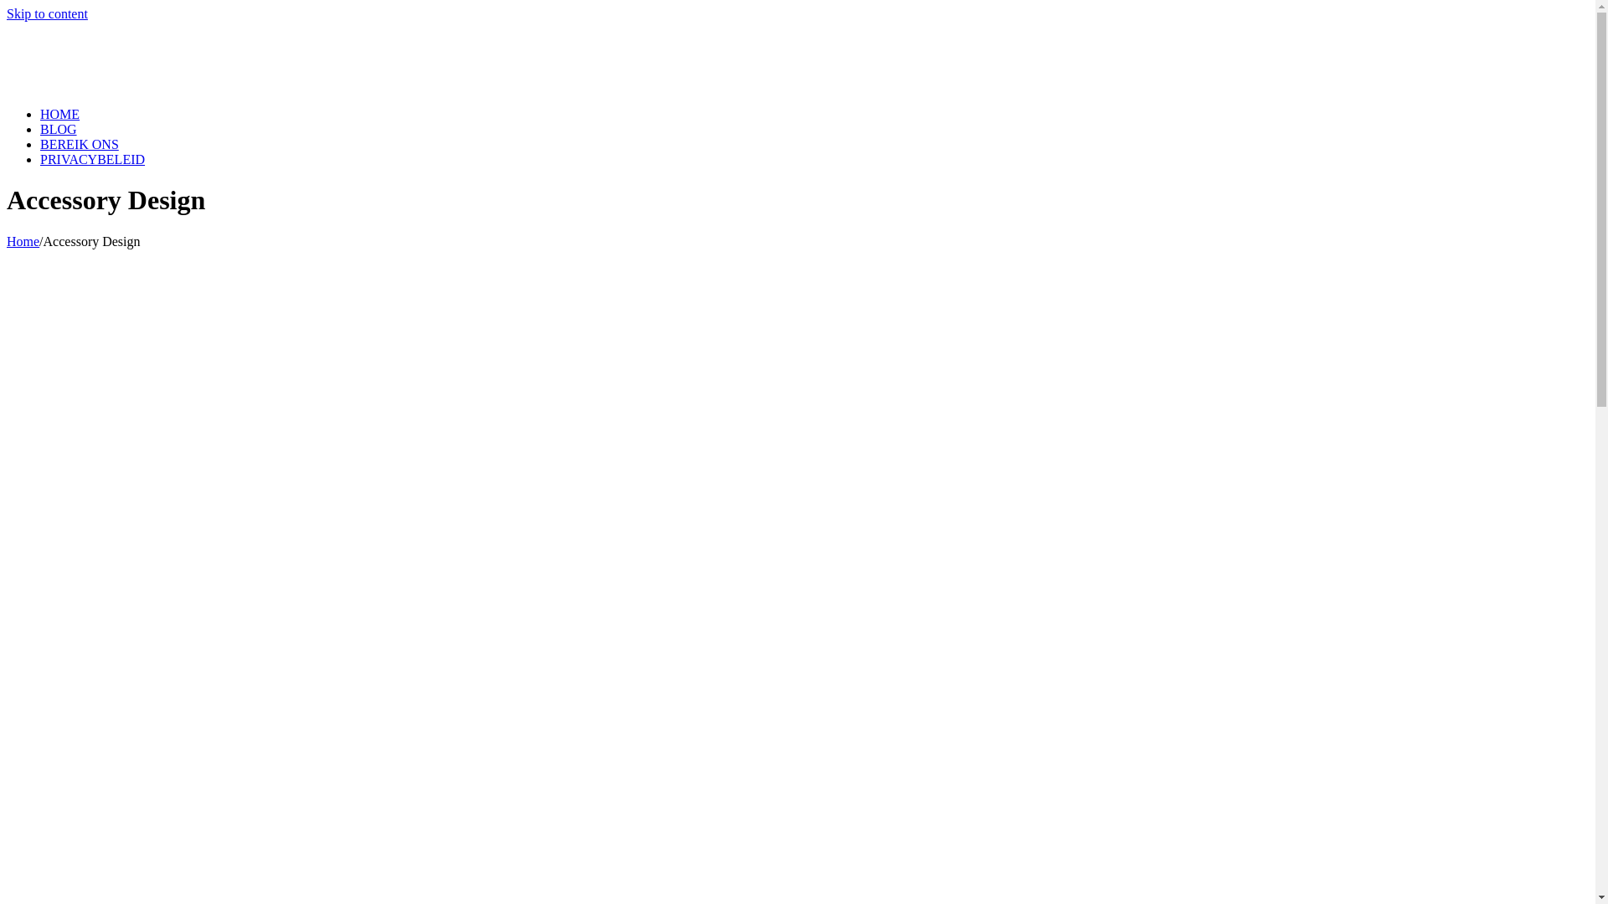  I want to click on 'Skip to content', so click(7, 13).